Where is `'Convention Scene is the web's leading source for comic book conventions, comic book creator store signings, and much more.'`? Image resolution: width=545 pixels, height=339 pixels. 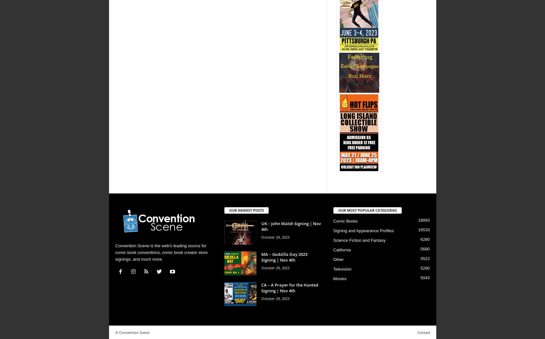 'Convention Scene is the web's leading source for comic book conventions, comic book creator store signings, and much more.' is located at coordinates (161, 252).